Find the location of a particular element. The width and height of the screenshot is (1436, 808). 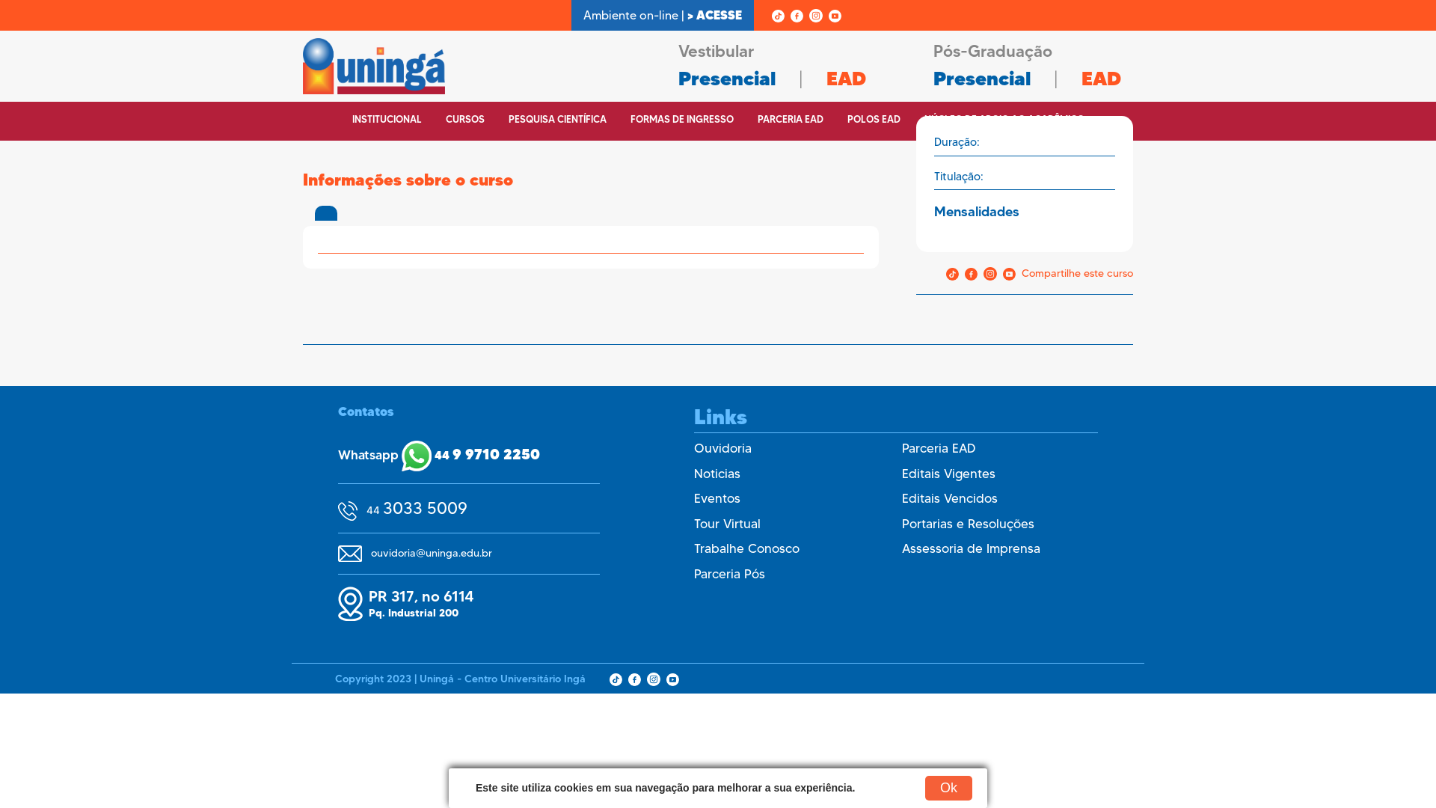

'Noticias' is located at coordinates (791, 474).